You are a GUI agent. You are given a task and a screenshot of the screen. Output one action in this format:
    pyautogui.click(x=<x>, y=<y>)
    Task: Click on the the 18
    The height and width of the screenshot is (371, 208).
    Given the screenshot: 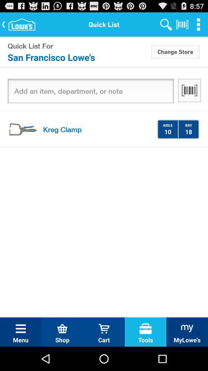 What is the action you would take?
    pyautogui.click(x=188, y=131)
    